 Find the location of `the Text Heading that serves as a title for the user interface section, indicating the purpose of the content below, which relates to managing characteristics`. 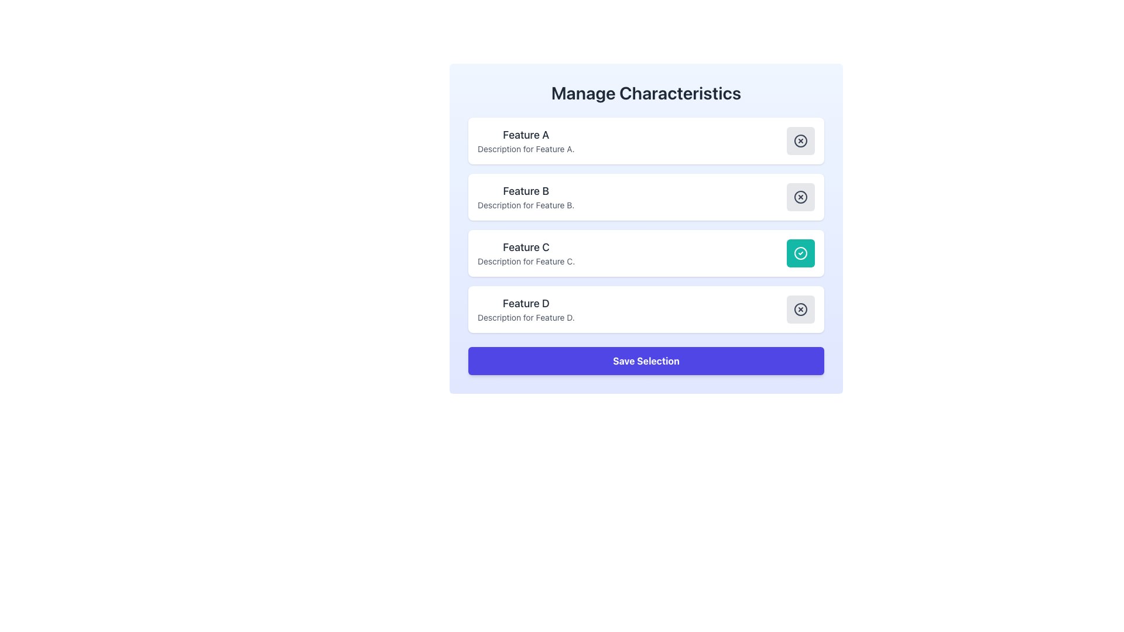

the Text Heading that serves as a title for the user interface section, indicating the purpose of the content below, which relates to managing characteristics is located at coordinates (646, 92).